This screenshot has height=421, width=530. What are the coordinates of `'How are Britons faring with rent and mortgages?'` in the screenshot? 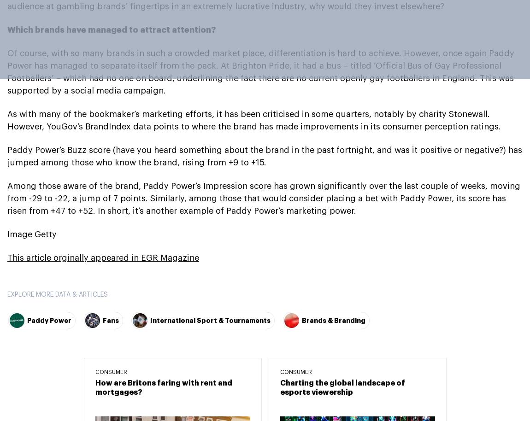 It's located at (163, 387).